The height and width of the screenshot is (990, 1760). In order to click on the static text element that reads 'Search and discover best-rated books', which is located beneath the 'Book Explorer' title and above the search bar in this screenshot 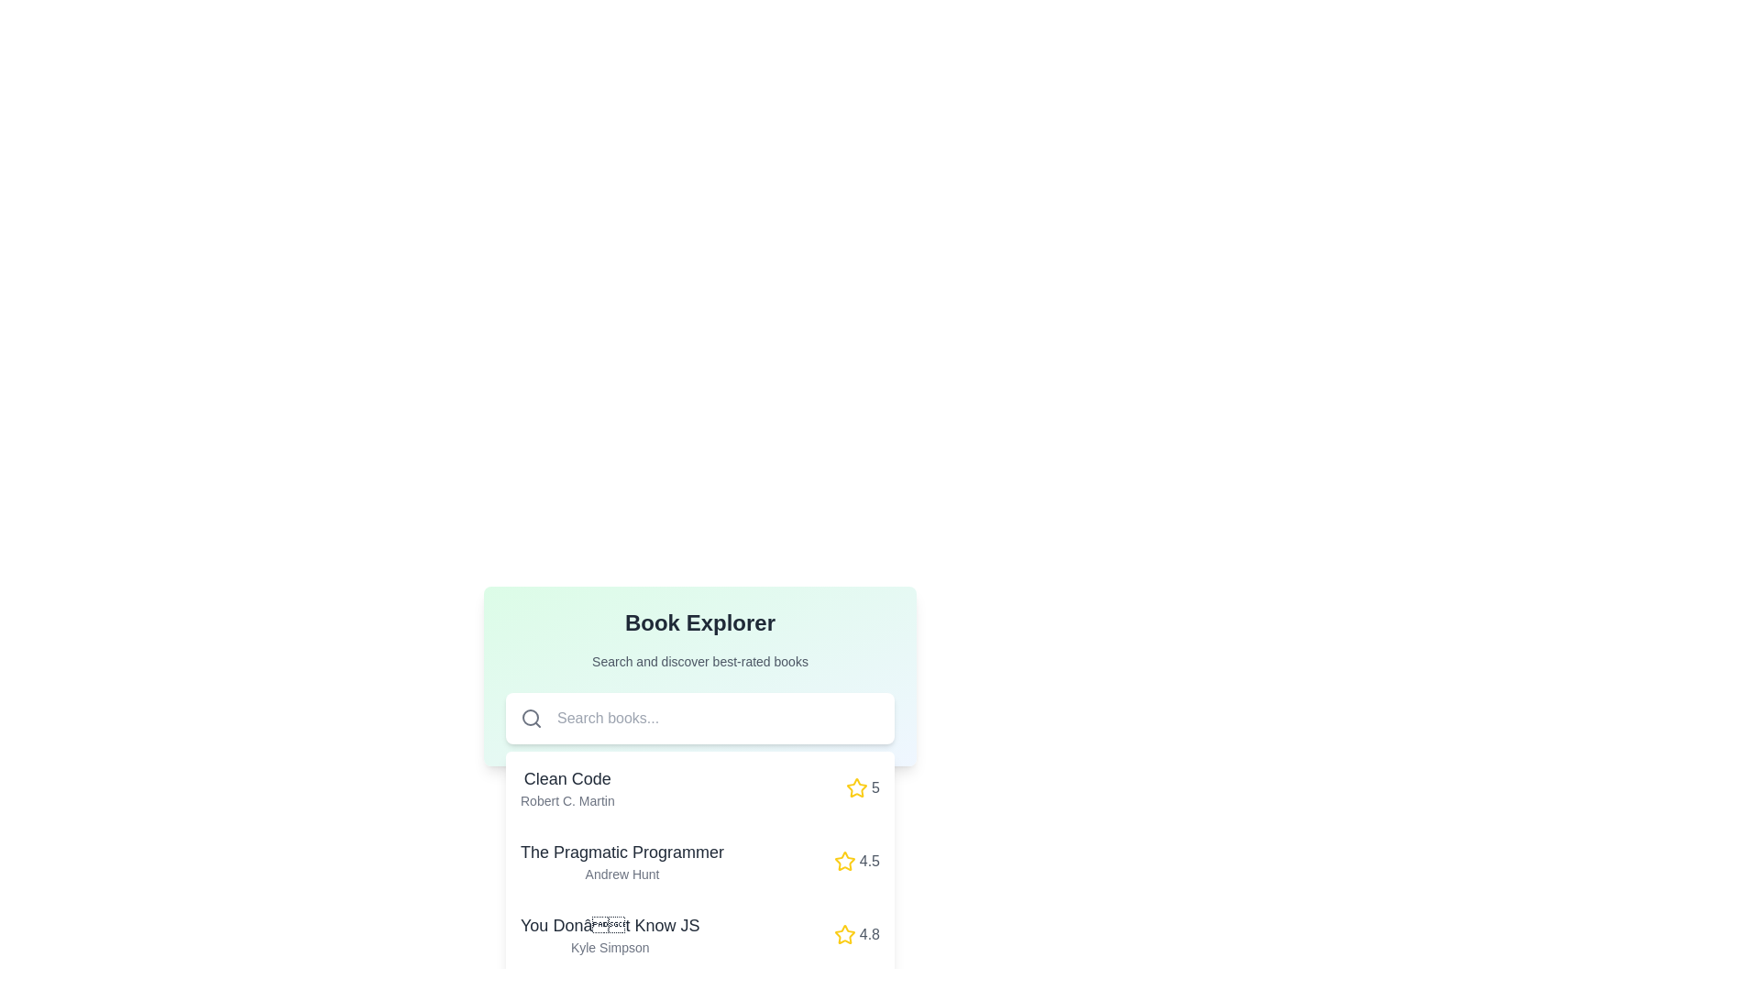, I will do `click(698, 661)`.